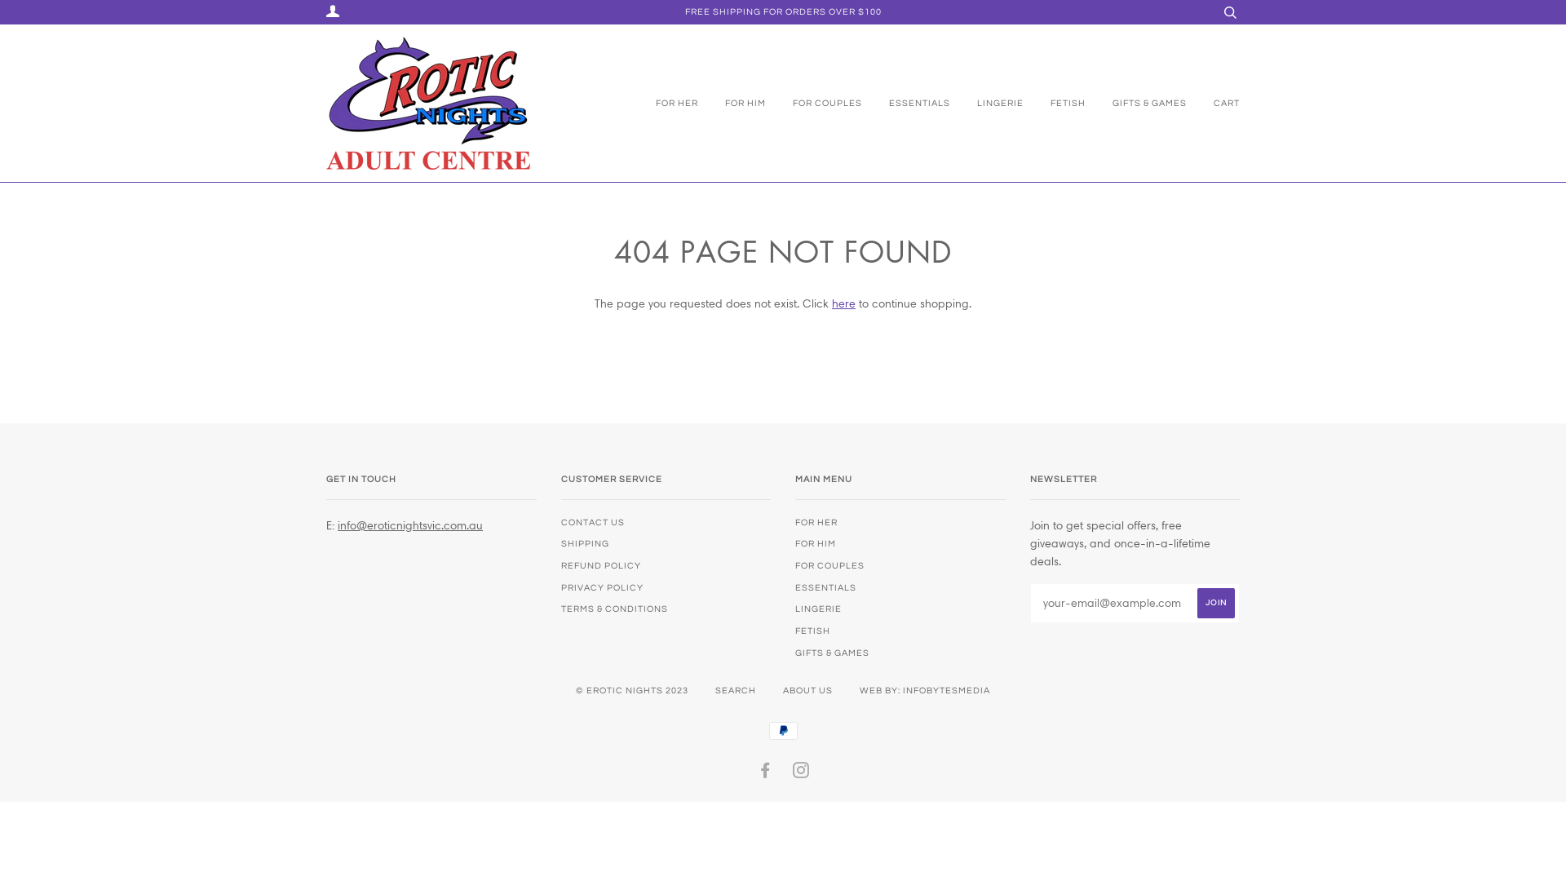 Image resolution: width=1566 pixels, height=881 pixels. Describe the element at coordinates (585, 543) in the screenshot. I see `'SHIPPING'` at that location.